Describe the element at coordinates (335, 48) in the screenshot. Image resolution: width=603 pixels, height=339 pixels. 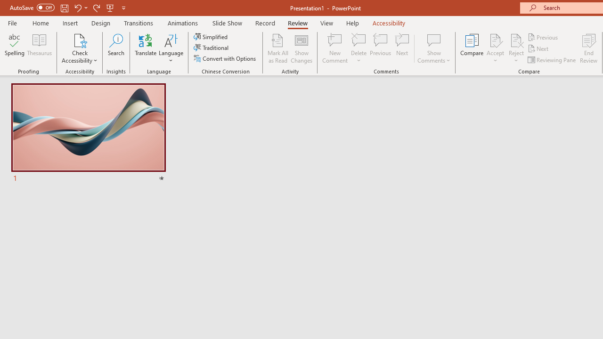
I see `'New Comment'` at that location.